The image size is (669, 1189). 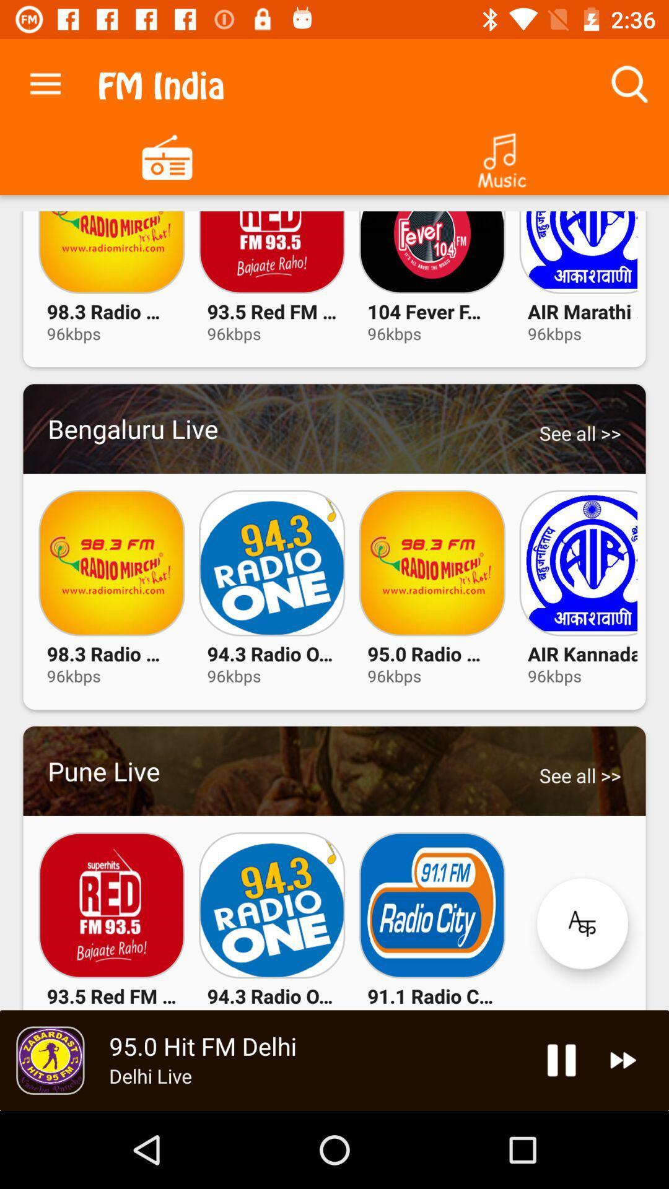 I want to click on pause, so click(x=561, y=1060).